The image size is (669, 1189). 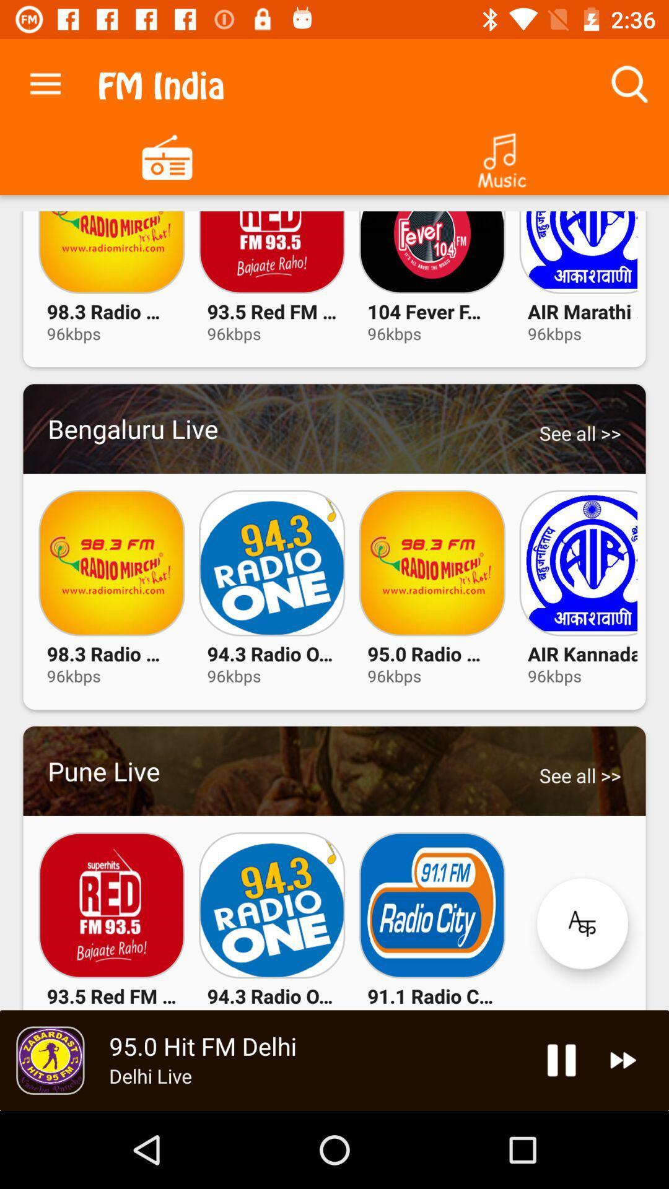 I want to click on pause, so click(x=561, y=1060).